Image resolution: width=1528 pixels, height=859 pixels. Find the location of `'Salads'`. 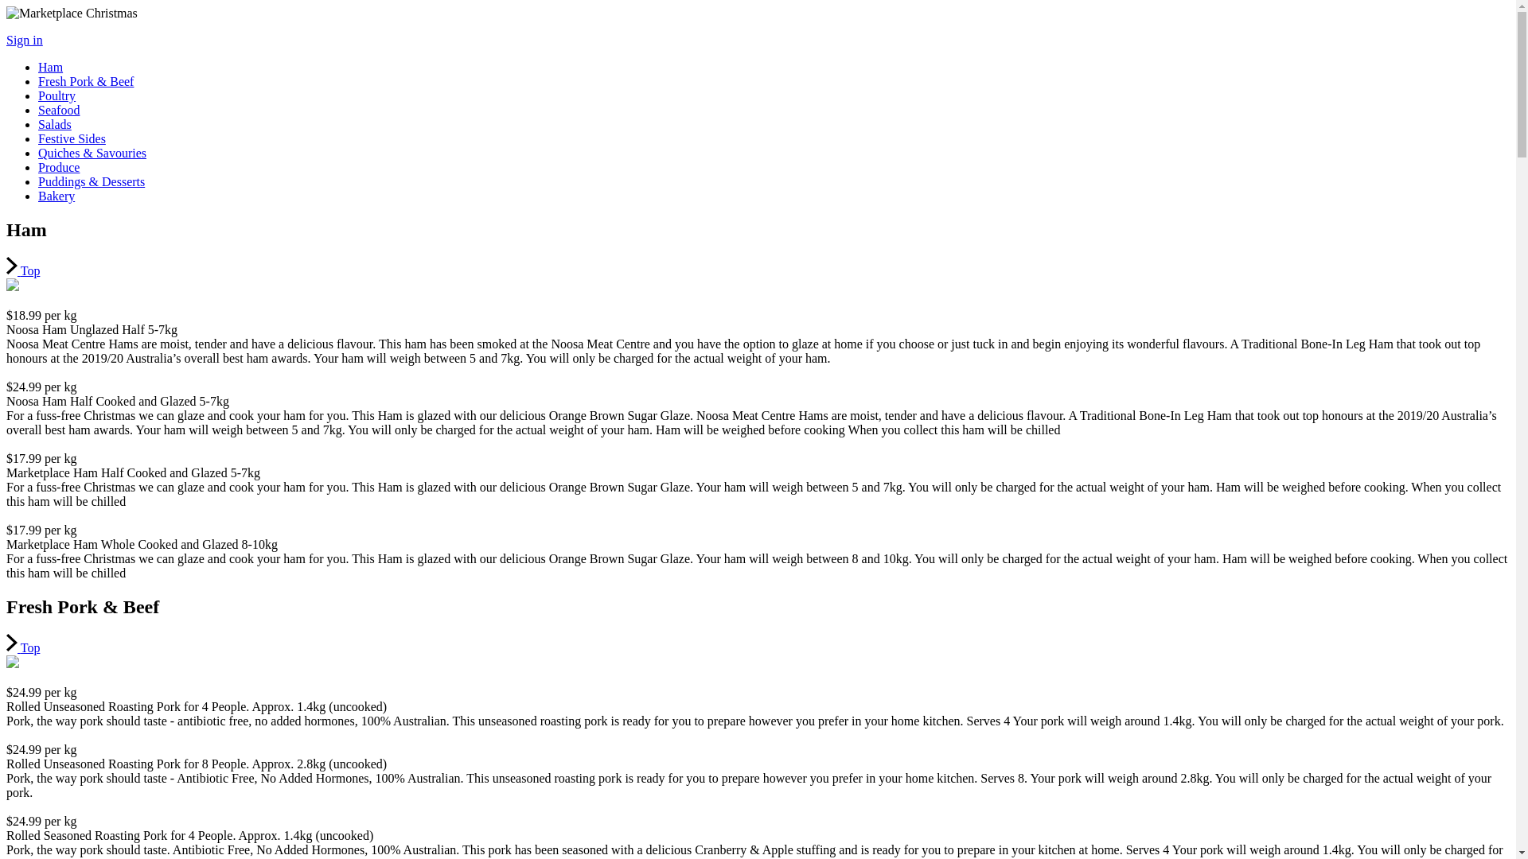

'Salads' is located at coordinates (54, 123).